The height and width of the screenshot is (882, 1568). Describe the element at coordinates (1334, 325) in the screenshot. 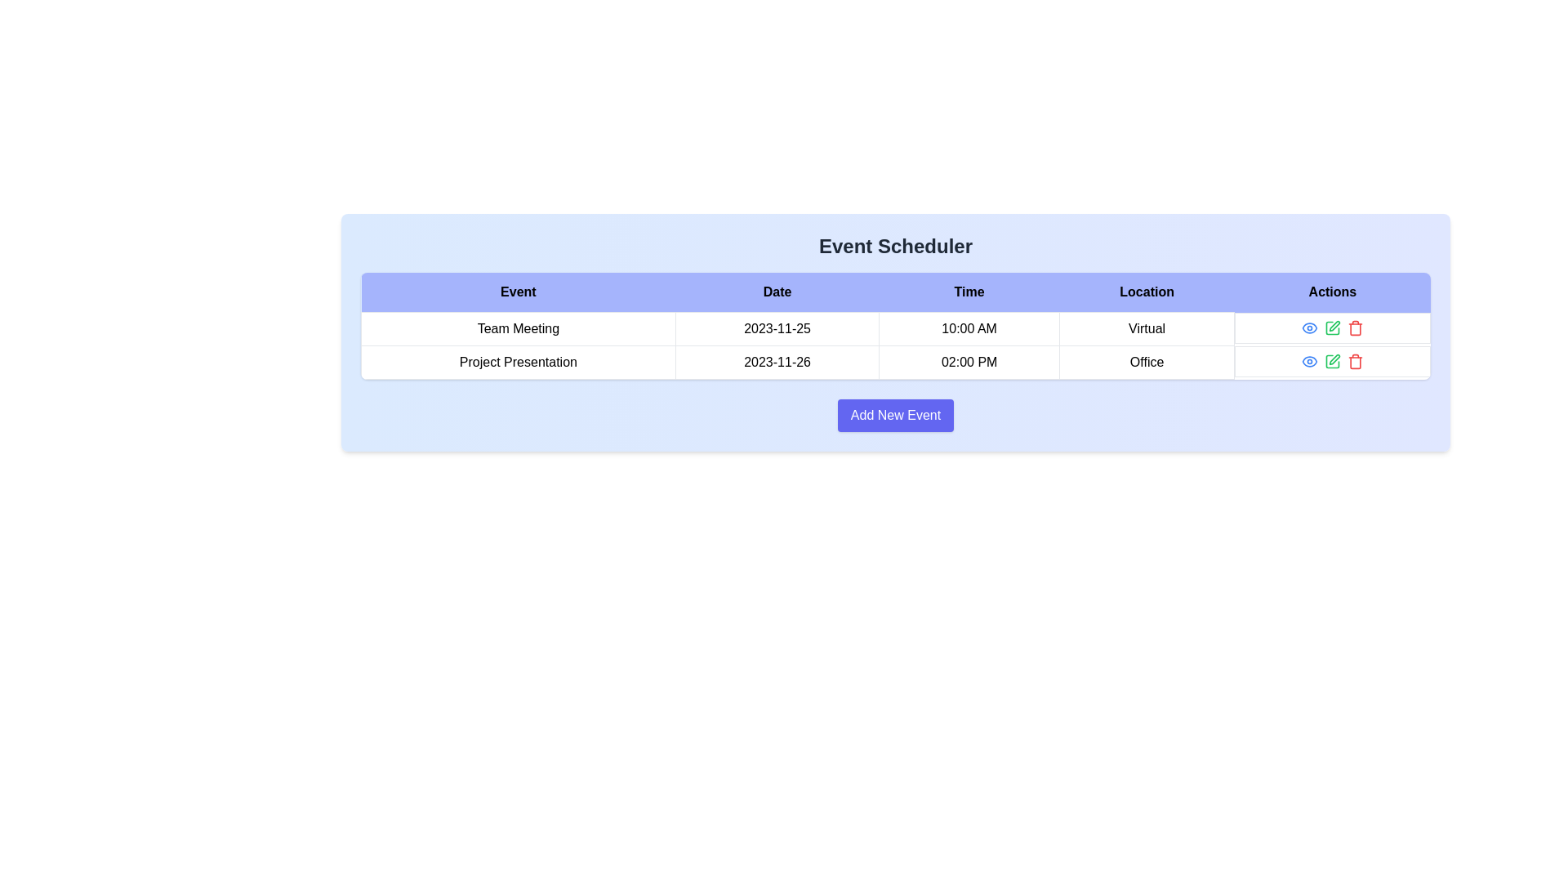

I see `the pen-shaped icon button in the actions column of the 'Event Scheduler' table to initiate editing for the 'Project Presentation' entry` at that location.